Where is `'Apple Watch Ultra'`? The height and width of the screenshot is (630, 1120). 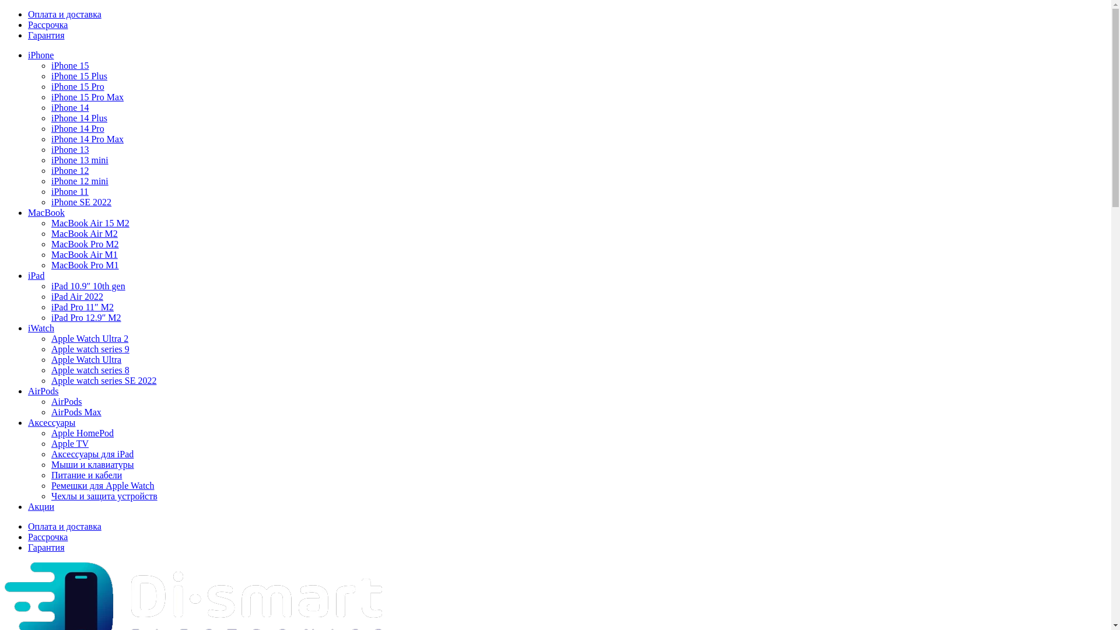
'Apple Watch Ultra' is located at coordinates (86, 359).